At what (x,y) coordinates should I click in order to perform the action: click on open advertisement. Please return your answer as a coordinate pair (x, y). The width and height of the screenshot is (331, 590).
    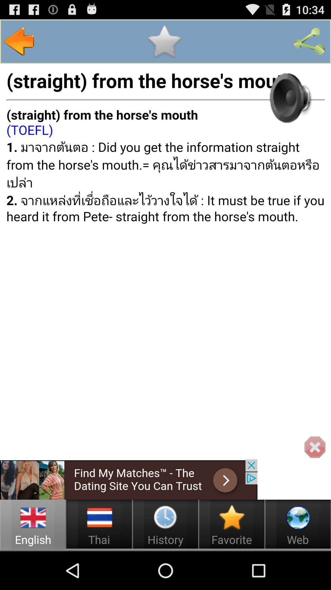
    Looking at the image, I should click on (128, 479).